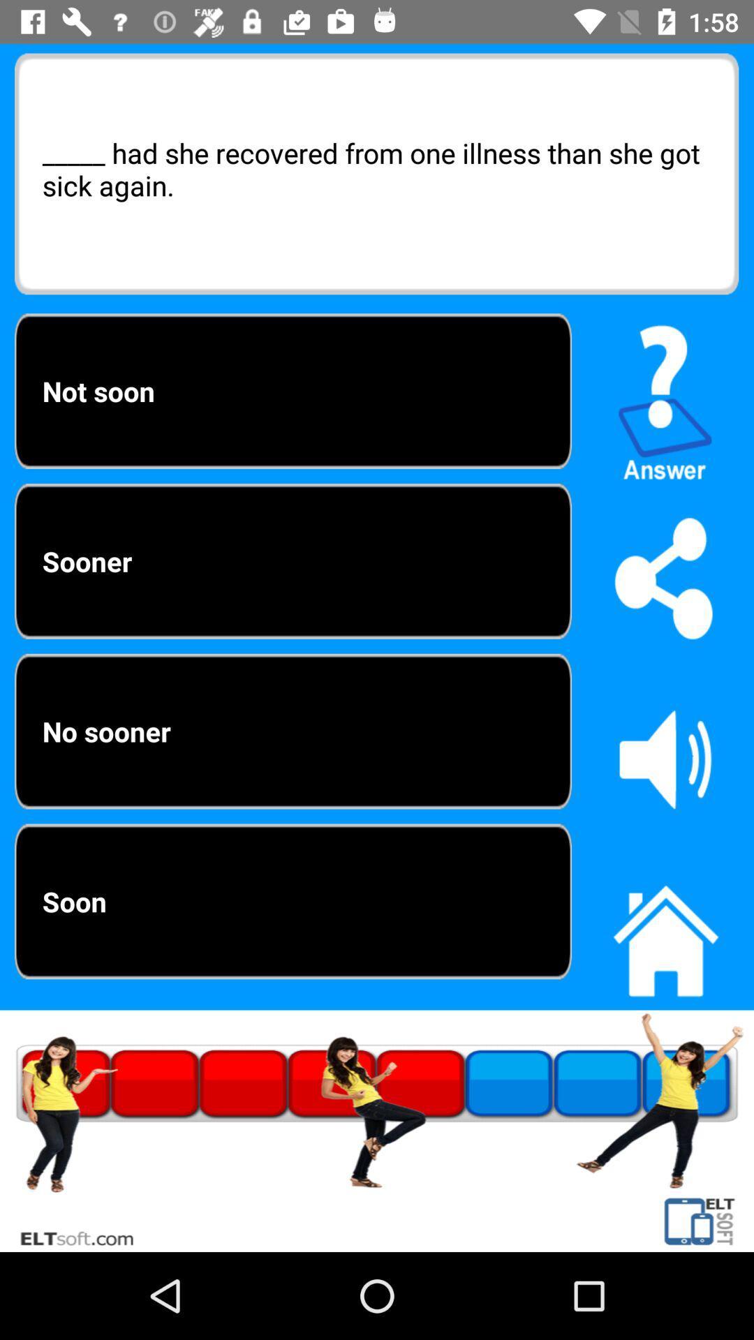  What do you see at coordinates (665, 396) in the screenshot?
I see `app below the _____ had she` at bounding box center [665, 396].